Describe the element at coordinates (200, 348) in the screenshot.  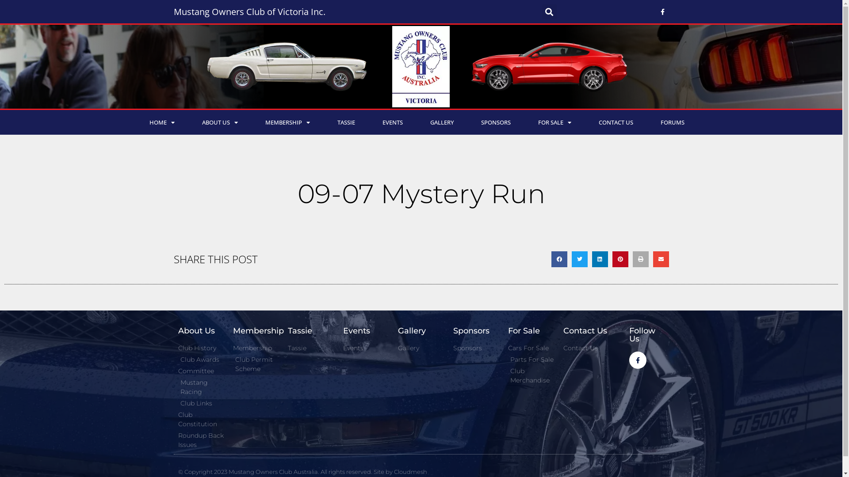
I see `'Club History'` at that location.